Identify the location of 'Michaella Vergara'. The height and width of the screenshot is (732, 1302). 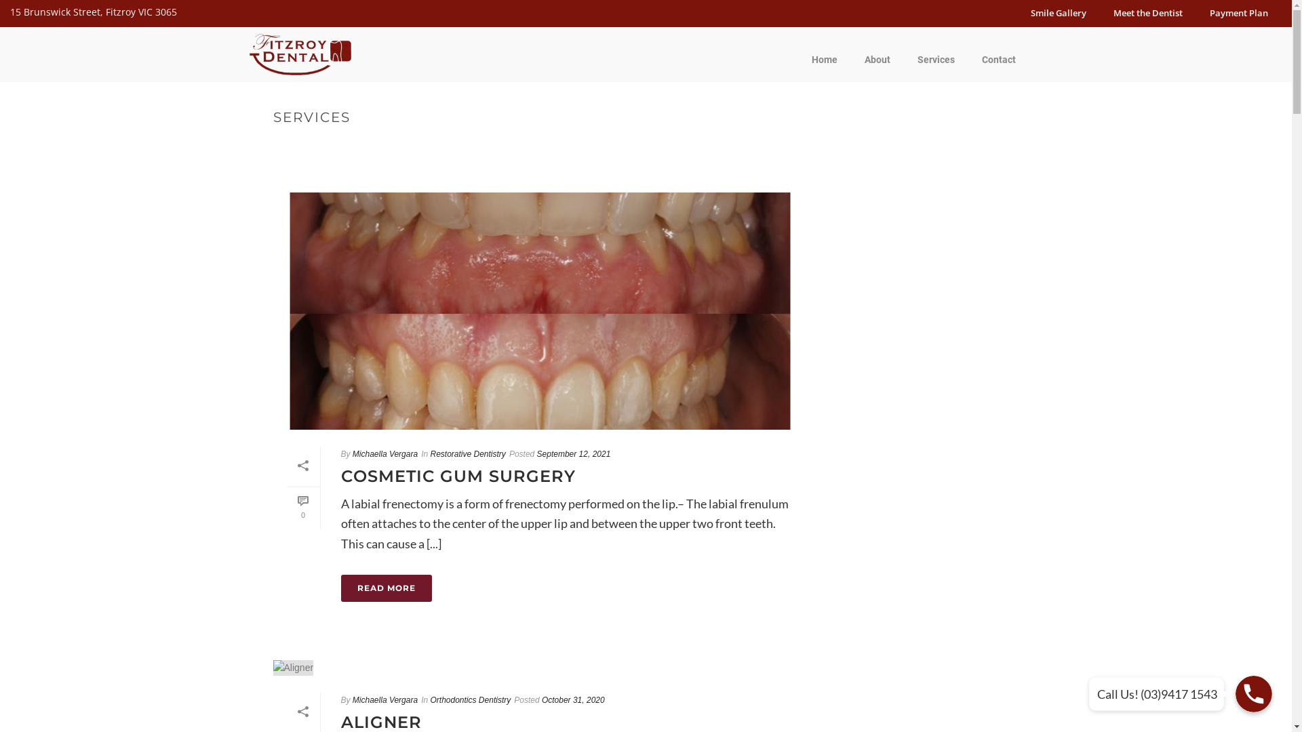
(352, 700).